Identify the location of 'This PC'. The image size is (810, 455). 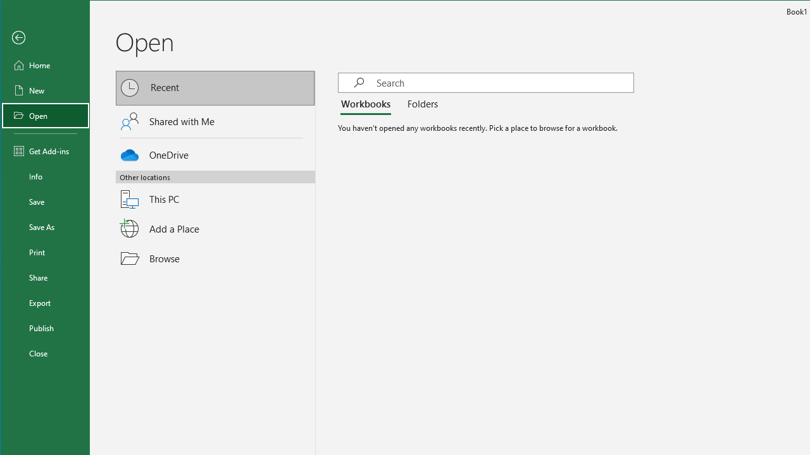
(216, 191).